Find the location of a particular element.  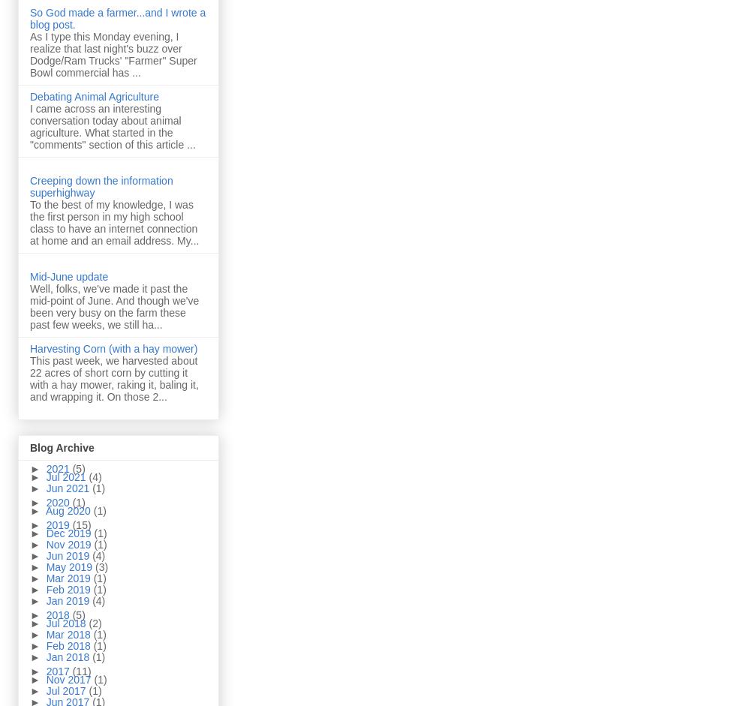

'Debating Animal Agriculture' is located at coordinates (95, 96).